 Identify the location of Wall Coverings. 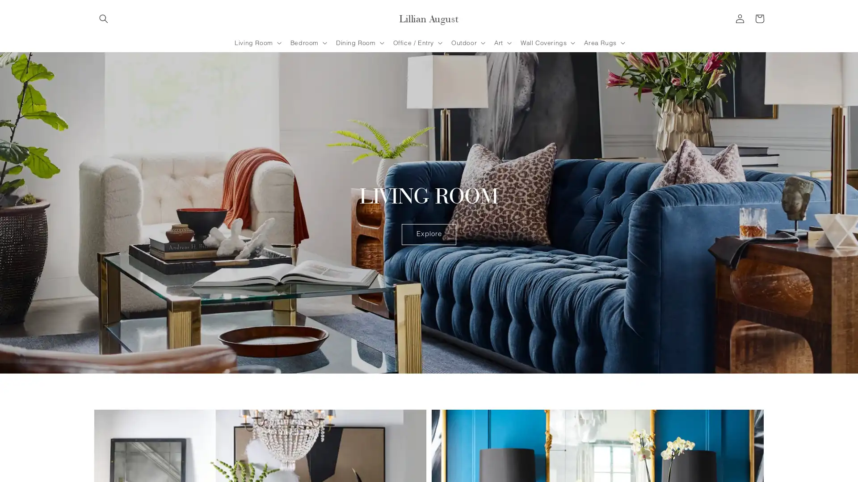
(547, 42).